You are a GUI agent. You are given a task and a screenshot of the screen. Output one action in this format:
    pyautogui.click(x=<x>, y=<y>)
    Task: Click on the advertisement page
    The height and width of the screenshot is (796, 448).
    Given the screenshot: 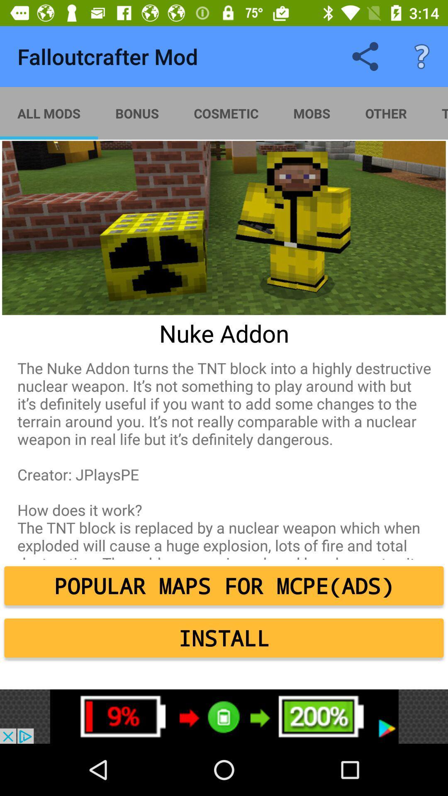 What is the action you would take?
    pyautogui.click(x=224, y=716)
    